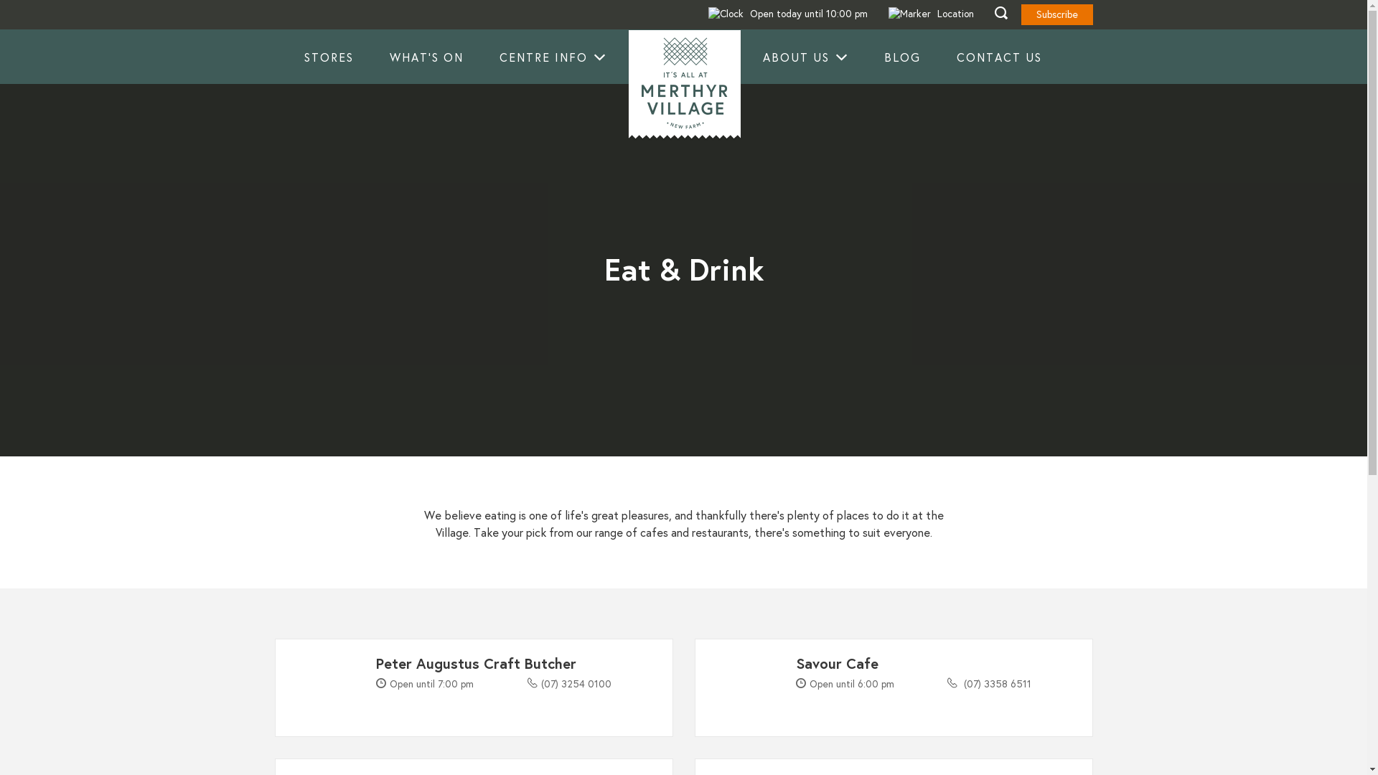 The image size is (1378, 775). I want to click on 'STORES', so click(328, 57).